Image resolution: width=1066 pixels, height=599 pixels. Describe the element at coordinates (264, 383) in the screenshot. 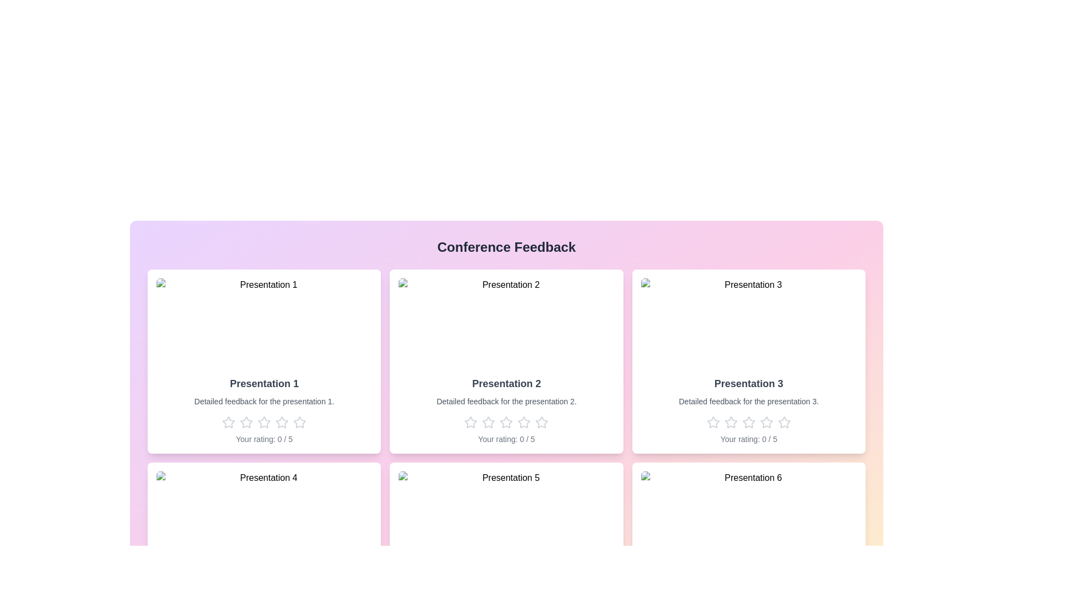

I see `the title of Presentation 1 to view its details` at that location.